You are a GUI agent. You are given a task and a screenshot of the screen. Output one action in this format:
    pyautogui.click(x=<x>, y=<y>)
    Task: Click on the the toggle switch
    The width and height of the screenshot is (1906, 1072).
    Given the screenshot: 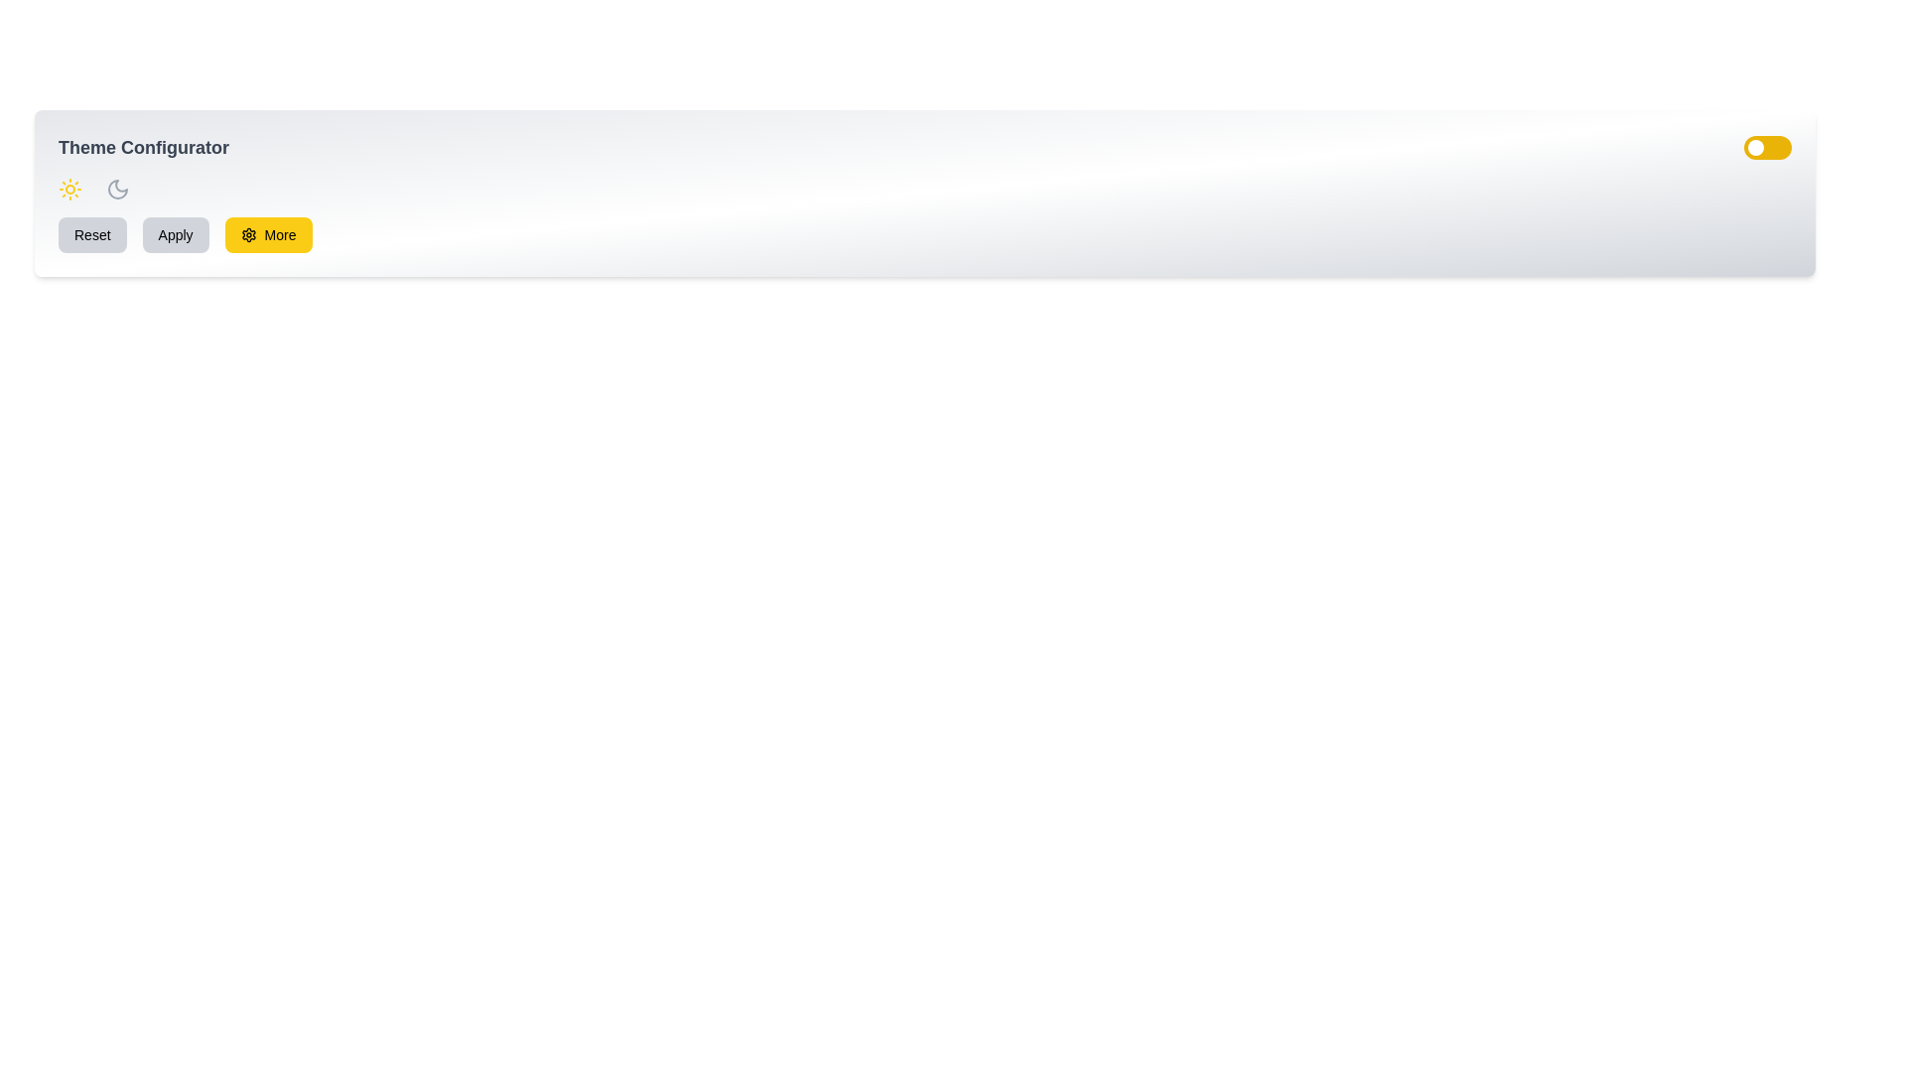 What is the action you would take?
    pyautogui.click(x=1759, y=147)
    